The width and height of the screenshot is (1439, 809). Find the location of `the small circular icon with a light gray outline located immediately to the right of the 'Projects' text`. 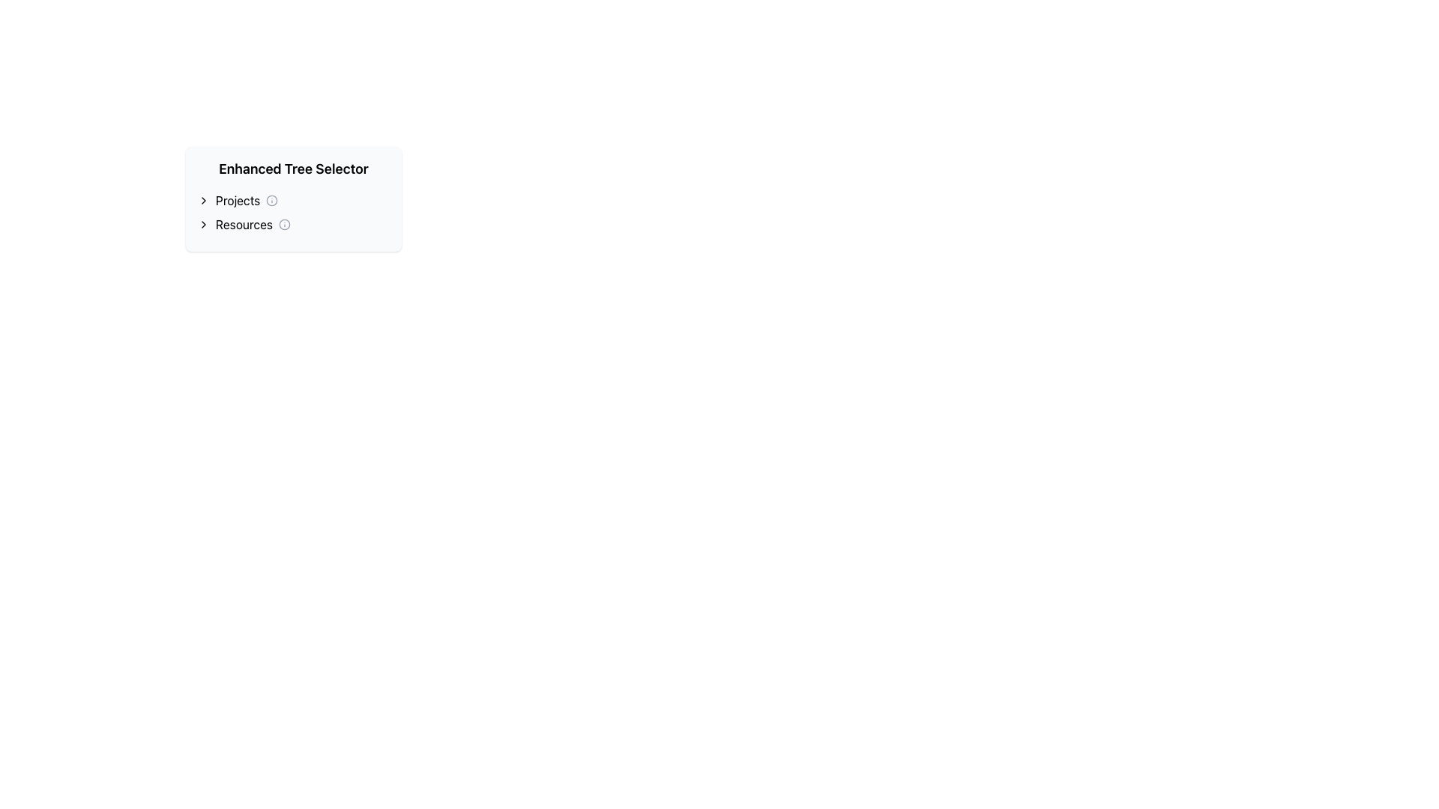

the small circular icon with a light gray outline located immediately to the right of the 'Projects' text is located at coordinates (272, 199).